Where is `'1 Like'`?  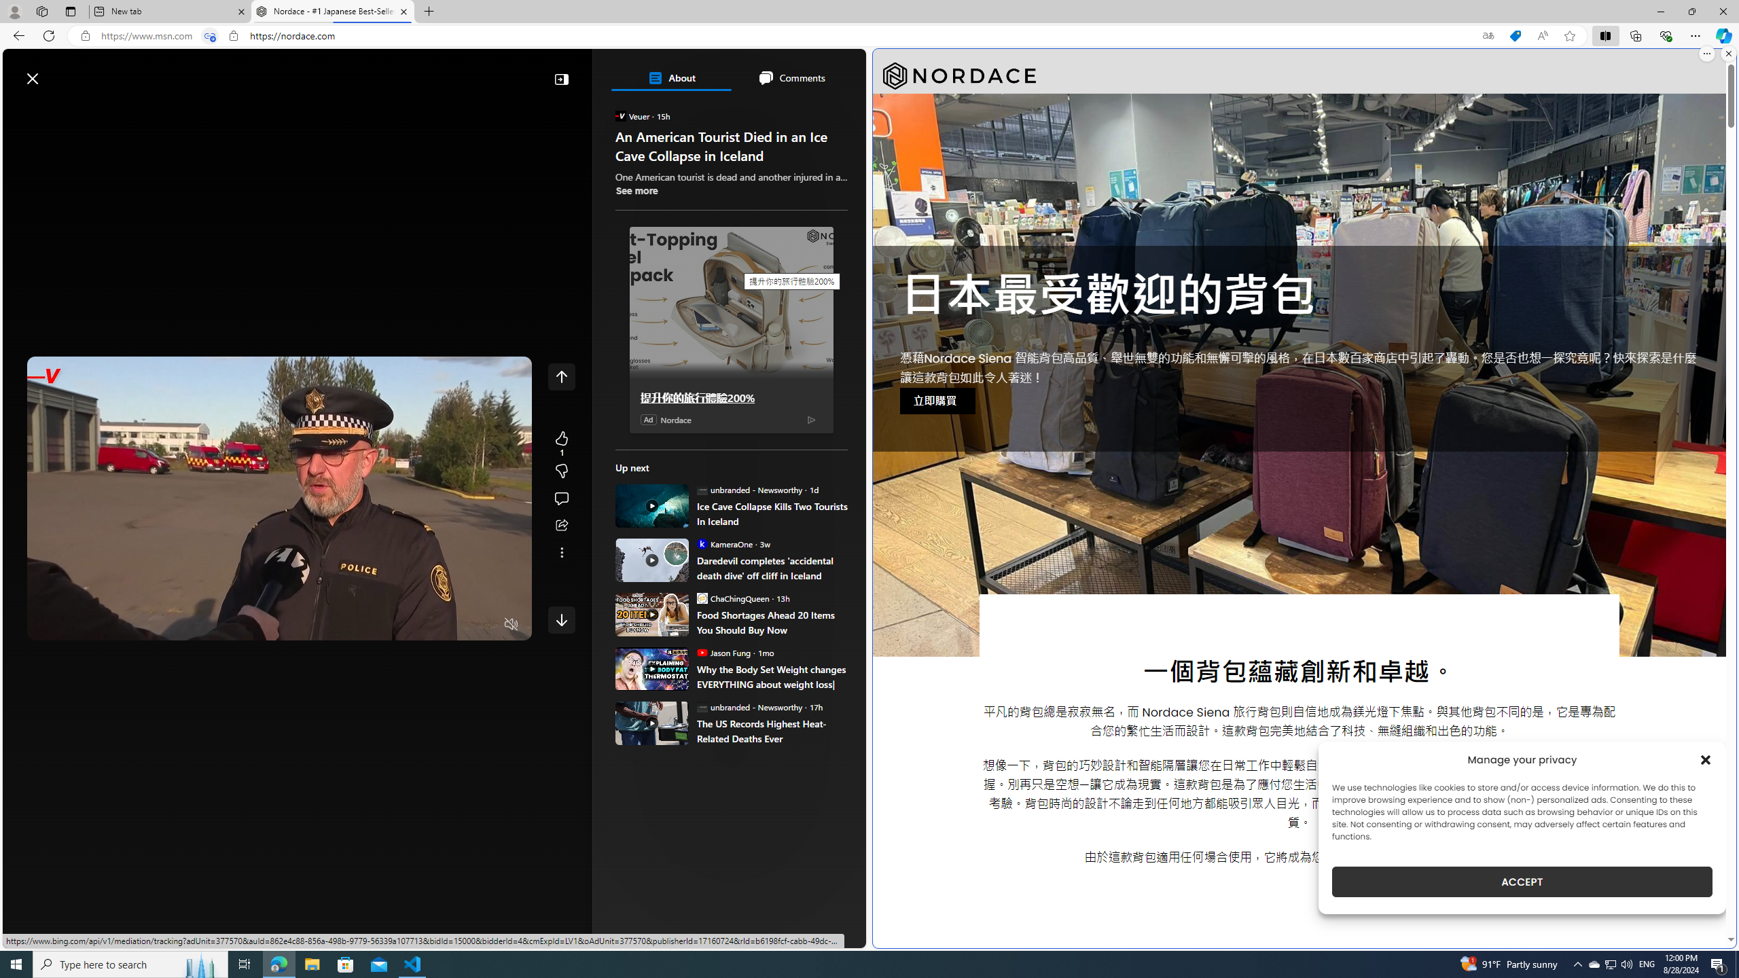 '1 Like' is located at coordinates (561, 443).